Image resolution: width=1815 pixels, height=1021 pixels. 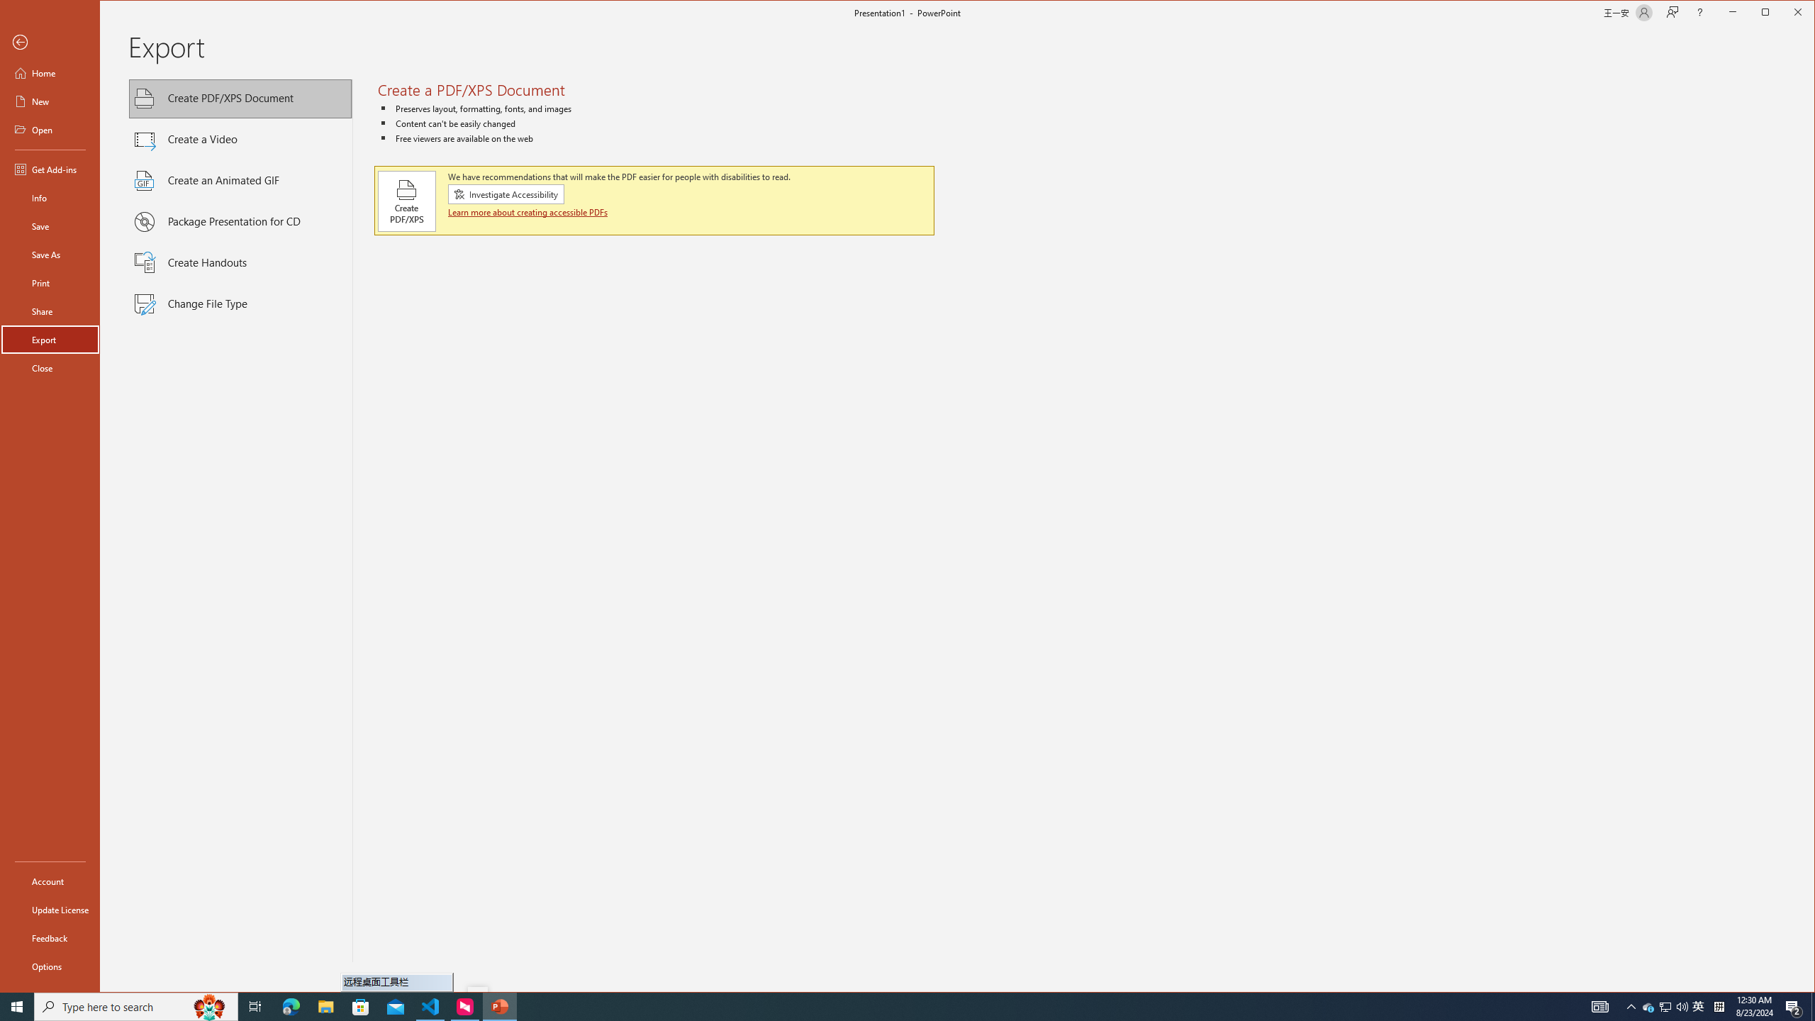 I want to click on 'Get Add-ins', so click(x=49, y=169).